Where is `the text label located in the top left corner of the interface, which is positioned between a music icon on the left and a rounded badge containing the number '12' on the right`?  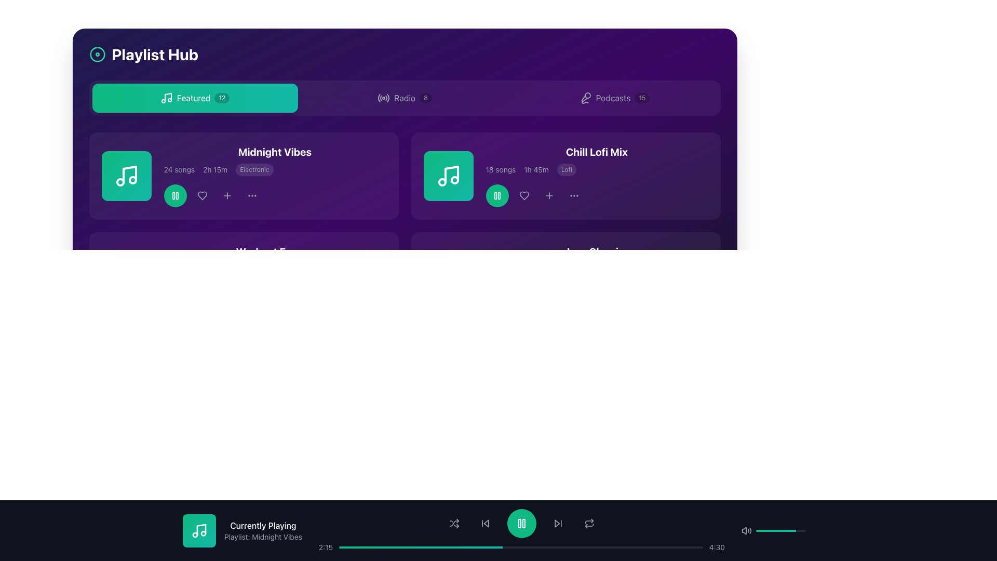
the text label located in the top left corner of the interface, which is positioned between a music icon on the left and a rounded badge containing the number '12' on the right is located at coordinates (194, 98).